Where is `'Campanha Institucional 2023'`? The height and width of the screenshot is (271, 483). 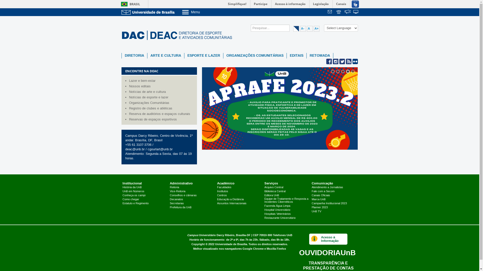 'Campanha Institucional 2023' is located at coordinates (311, 203).